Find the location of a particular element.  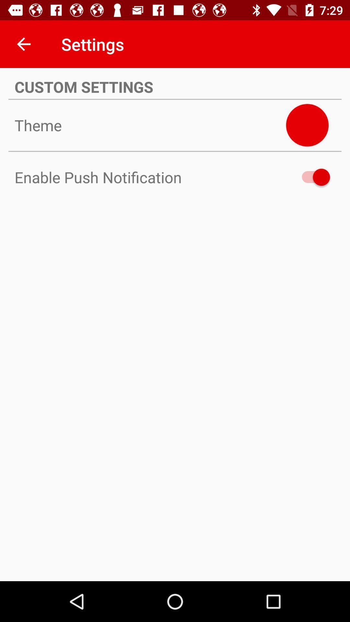

the icon to the right of the enable push notification is located at coordinates (312, 177).